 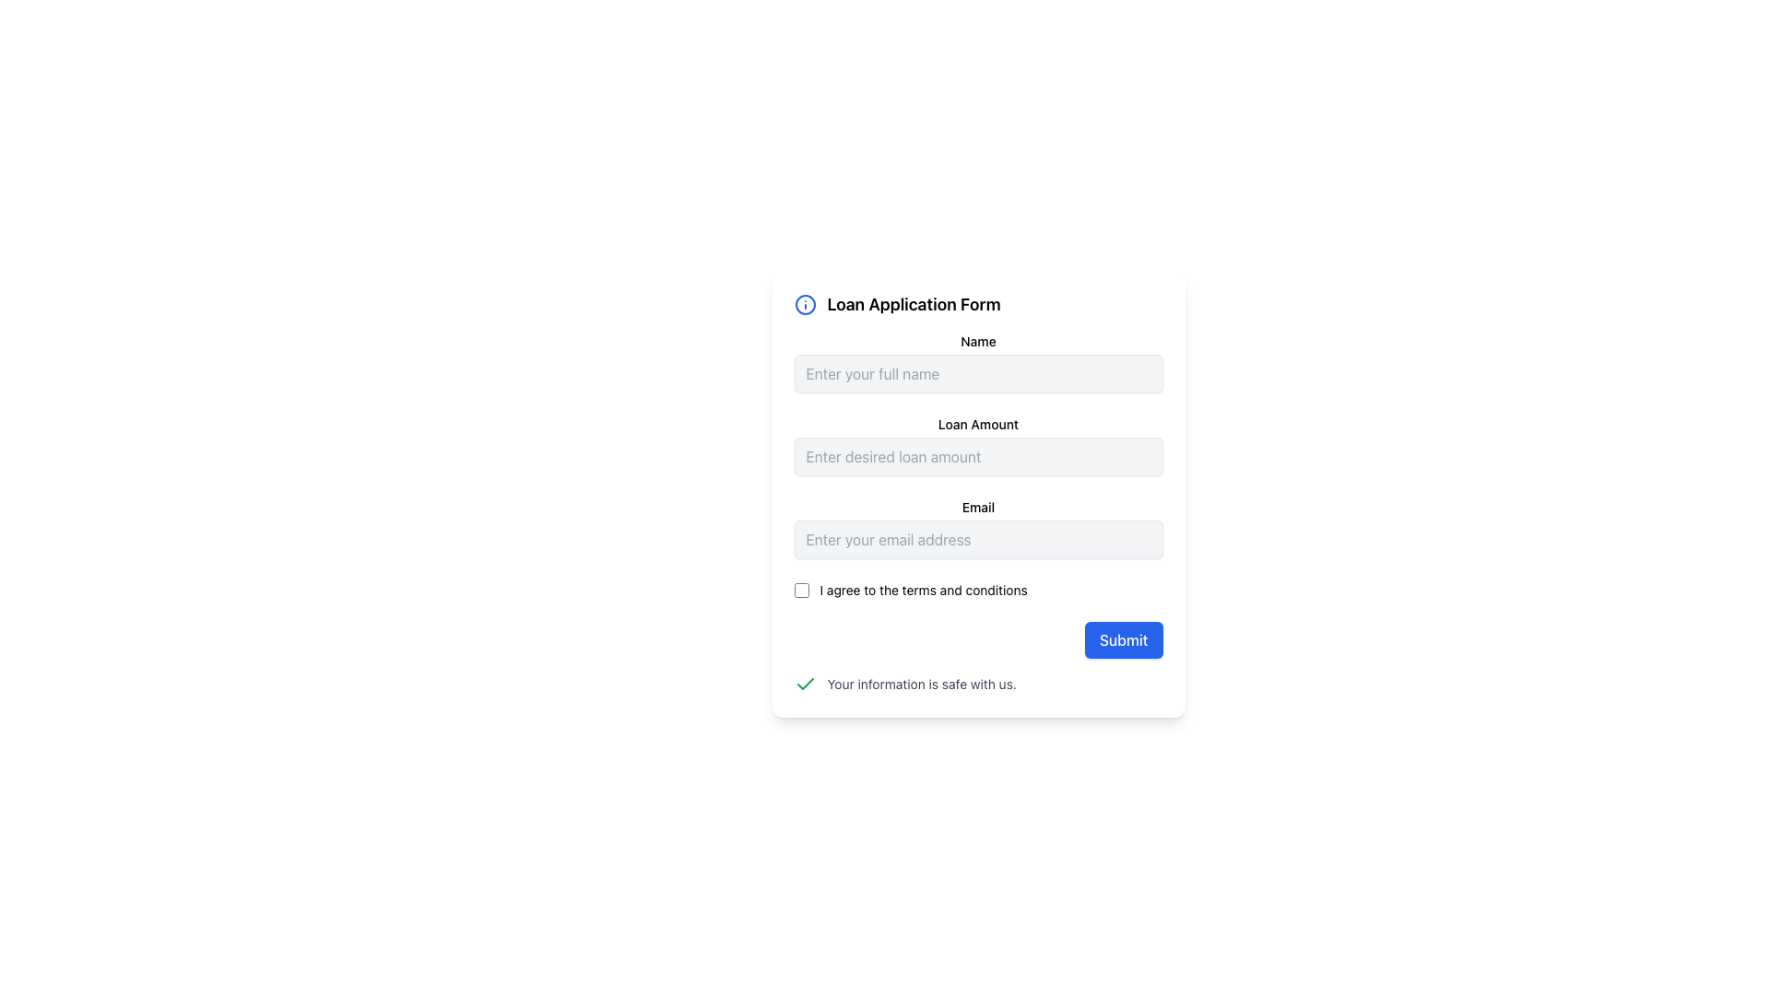 I want to click on the bold text header 'Loan Application Form' to emphasize it, so click(x=914, y=304).